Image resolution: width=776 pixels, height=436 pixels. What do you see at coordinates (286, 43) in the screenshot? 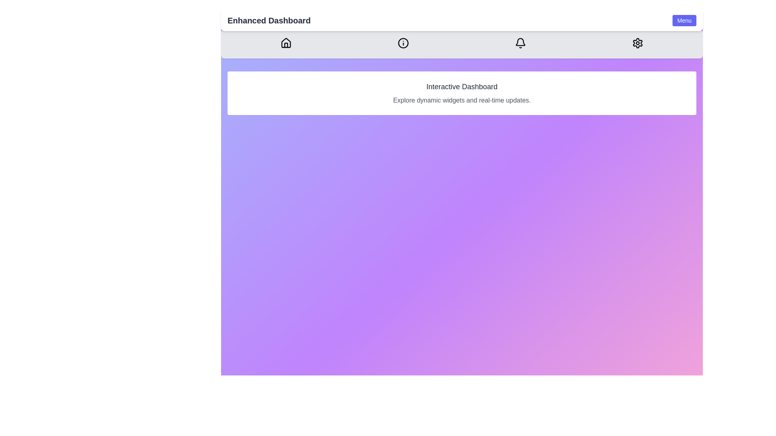
I see `the Home icon in the navigation bar` at bounding box center [286, 43].